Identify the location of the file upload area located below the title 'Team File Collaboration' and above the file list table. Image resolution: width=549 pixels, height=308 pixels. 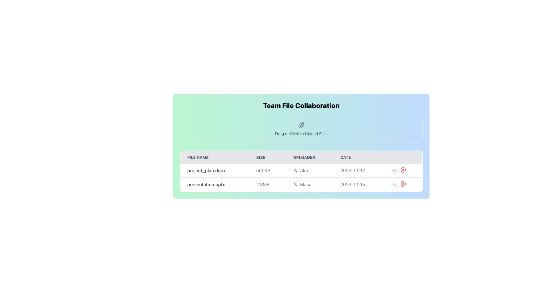
(301, 129).